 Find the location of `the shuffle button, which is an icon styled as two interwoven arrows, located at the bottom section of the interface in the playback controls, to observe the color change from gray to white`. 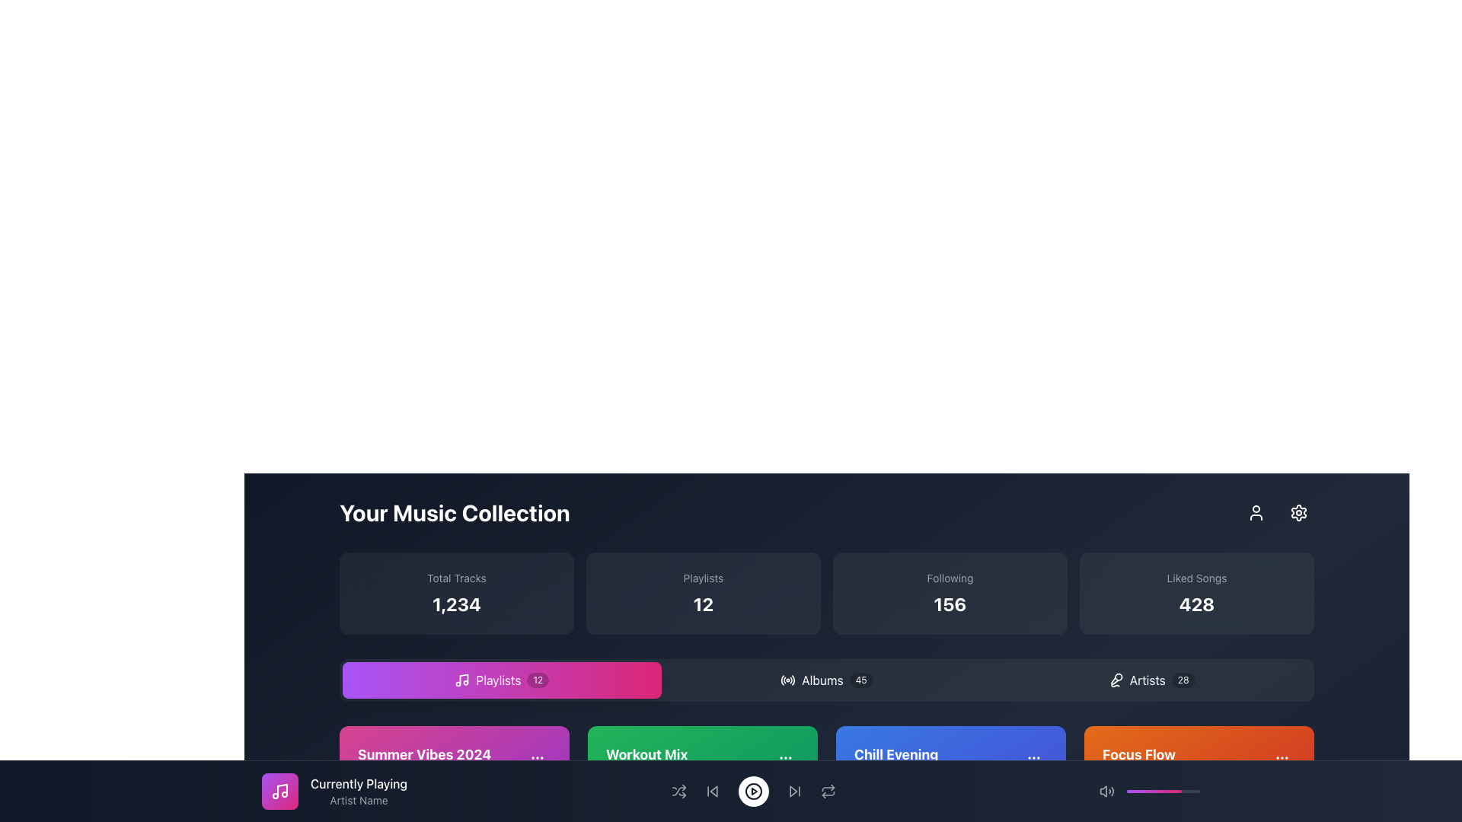

the shuffle button, which is an icon styled as two interwoven arrows, located at the bottom section of the interface in the playback controls, to observe the color change from gray to white is located at coordinates (678, 791).